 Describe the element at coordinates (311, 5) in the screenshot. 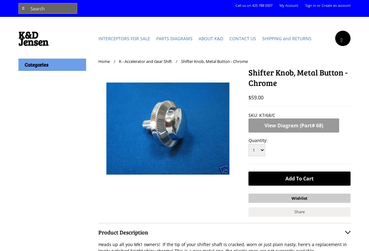

I see `'Sign in'` at that location.